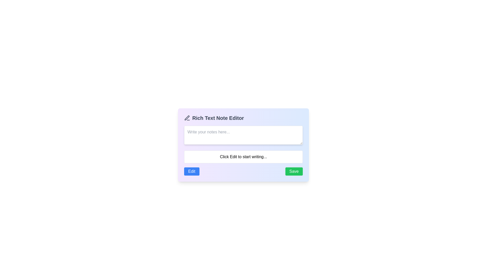  I want to click on the Decorative SVG element within the pen icon located in the top-left corner of the Rich Text Note Editor interface, so click(187, 118).